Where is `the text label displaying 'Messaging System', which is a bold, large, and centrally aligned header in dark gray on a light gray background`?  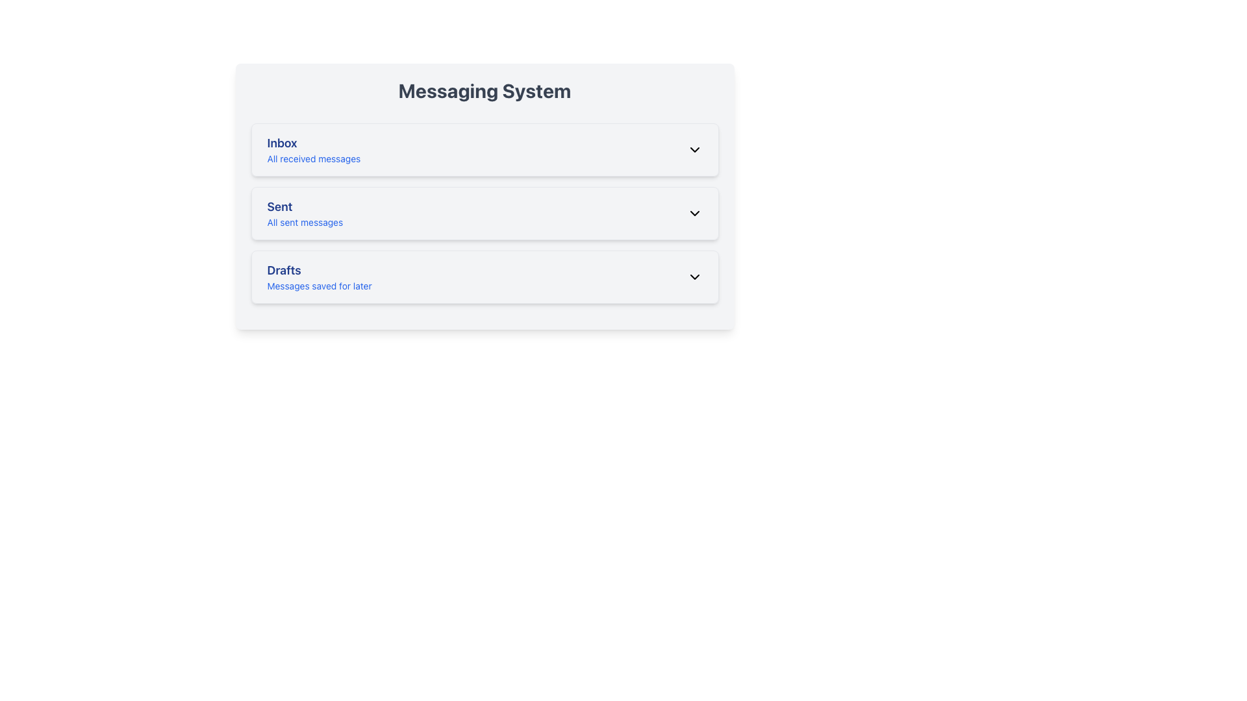
the text label displaying 'Messaging System', which is a bold, large, and centrally aligned header in dark gray on a light gray background is located at coordinates (484, 90).